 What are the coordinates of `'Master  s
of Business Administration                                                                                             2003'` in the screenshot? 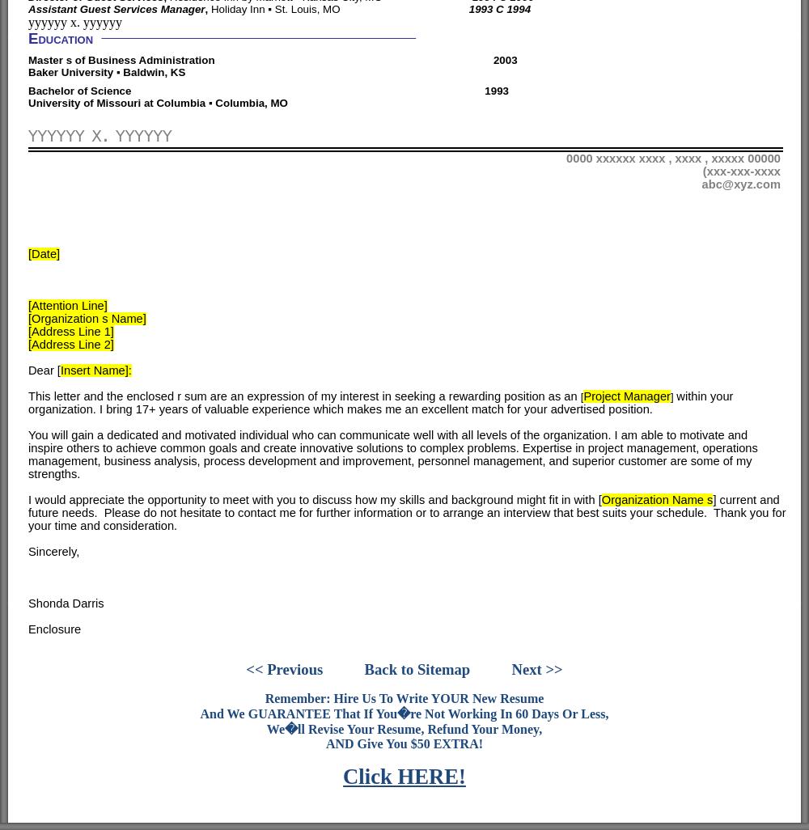 It's located at (272, 59).